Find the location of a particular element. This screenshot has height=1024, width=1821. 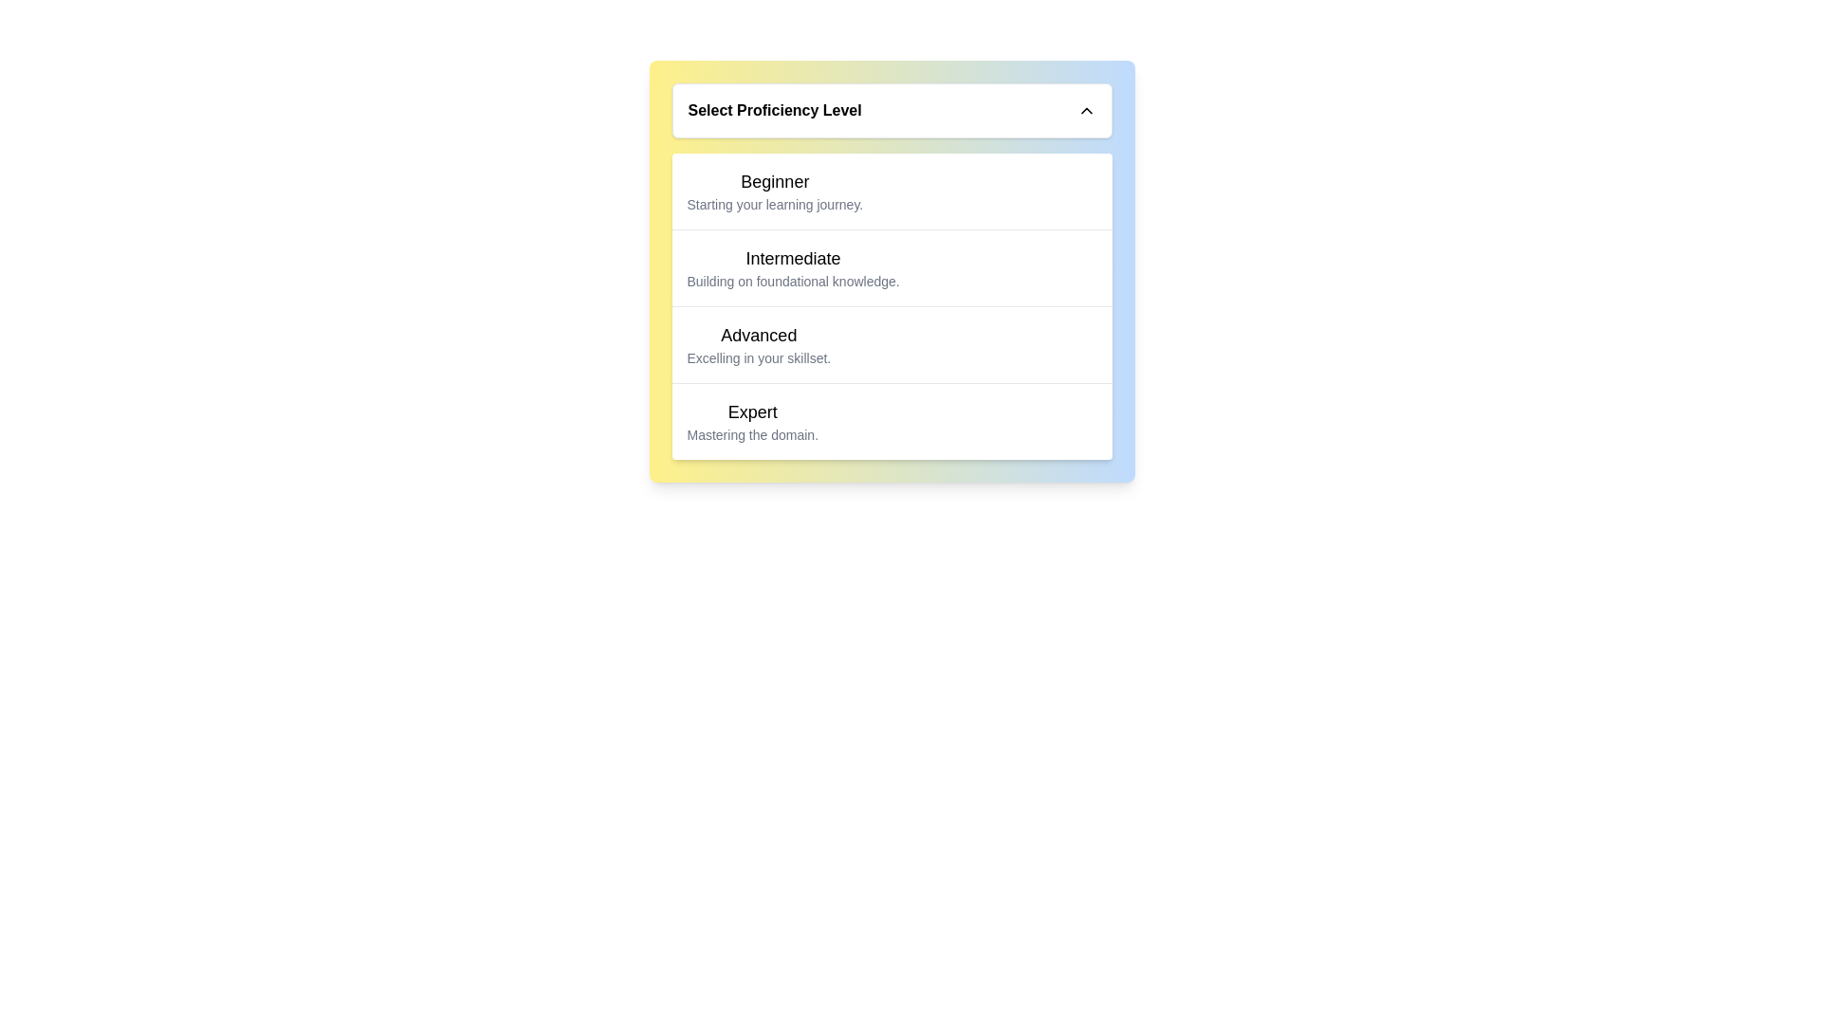

the List item titled 'Beginner' to interact via keyboard navigation is located at coordinates (775, 191).